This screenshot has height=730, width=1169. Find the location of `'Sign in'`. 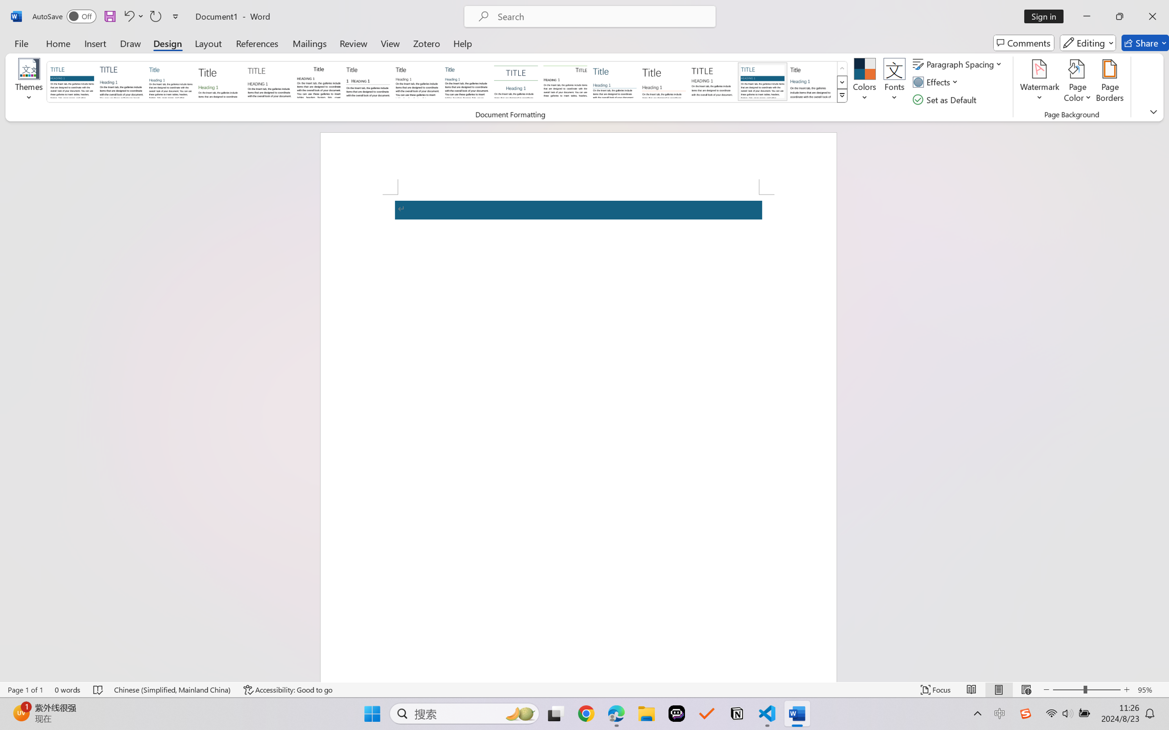

'Sign in' is located at coordinates (1047, 16).